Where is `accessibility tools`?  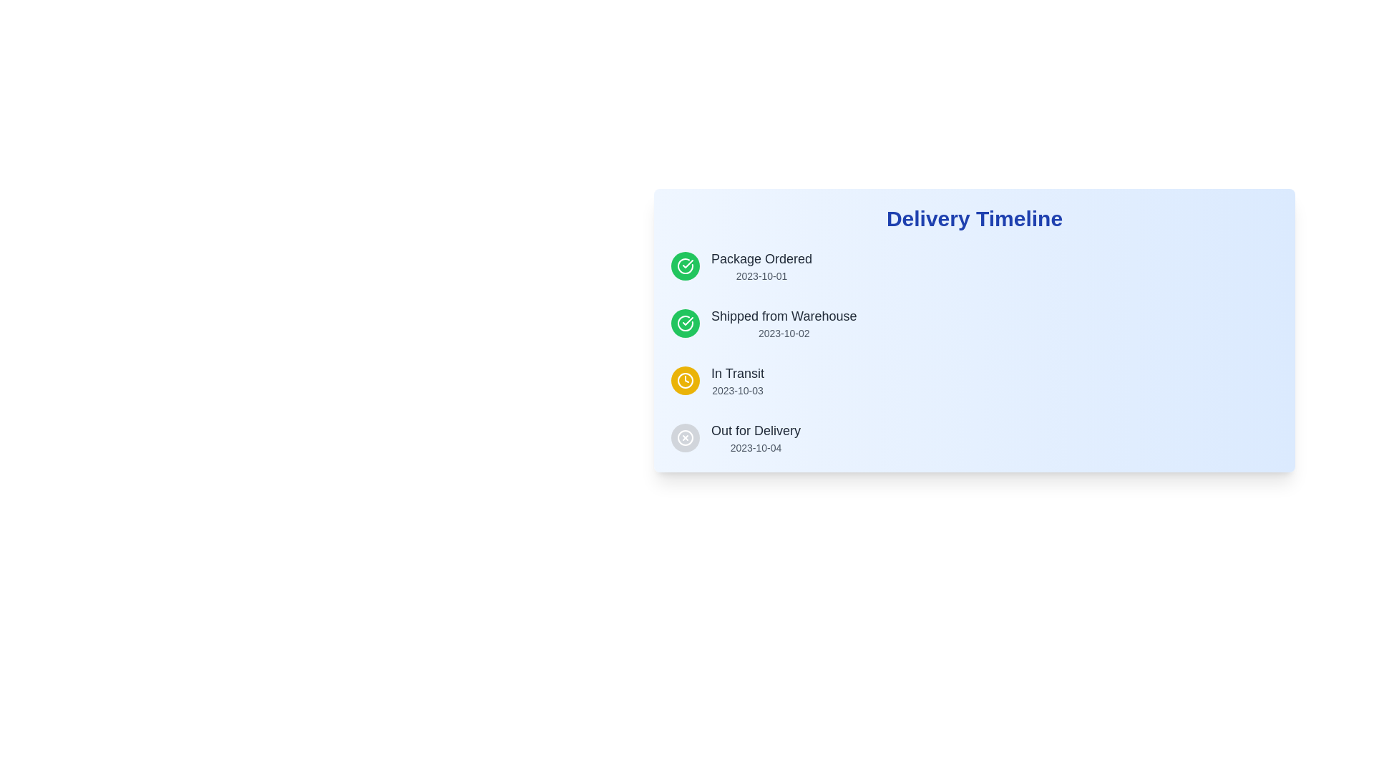 accessibility tools is located at coordinates (974, 218).